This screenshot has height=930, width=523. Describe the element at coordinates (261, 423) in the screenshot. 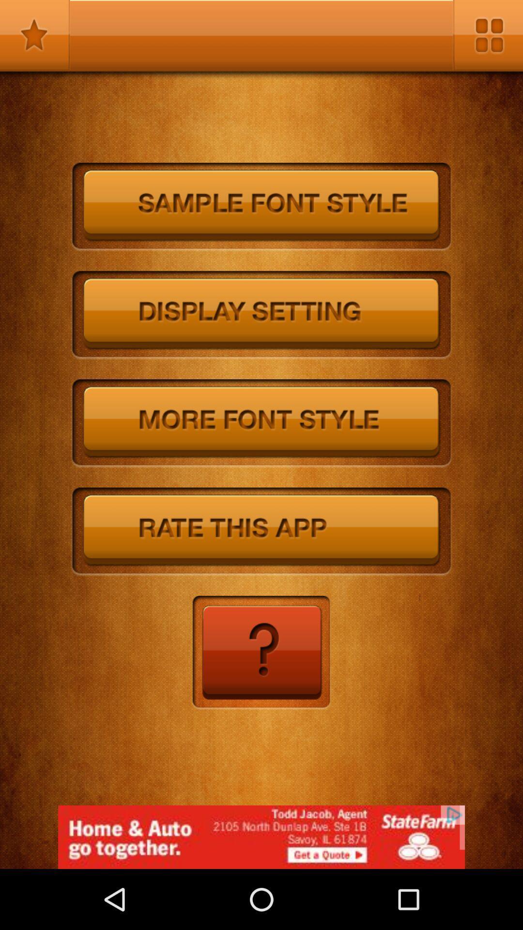

I see `font style` at that location.